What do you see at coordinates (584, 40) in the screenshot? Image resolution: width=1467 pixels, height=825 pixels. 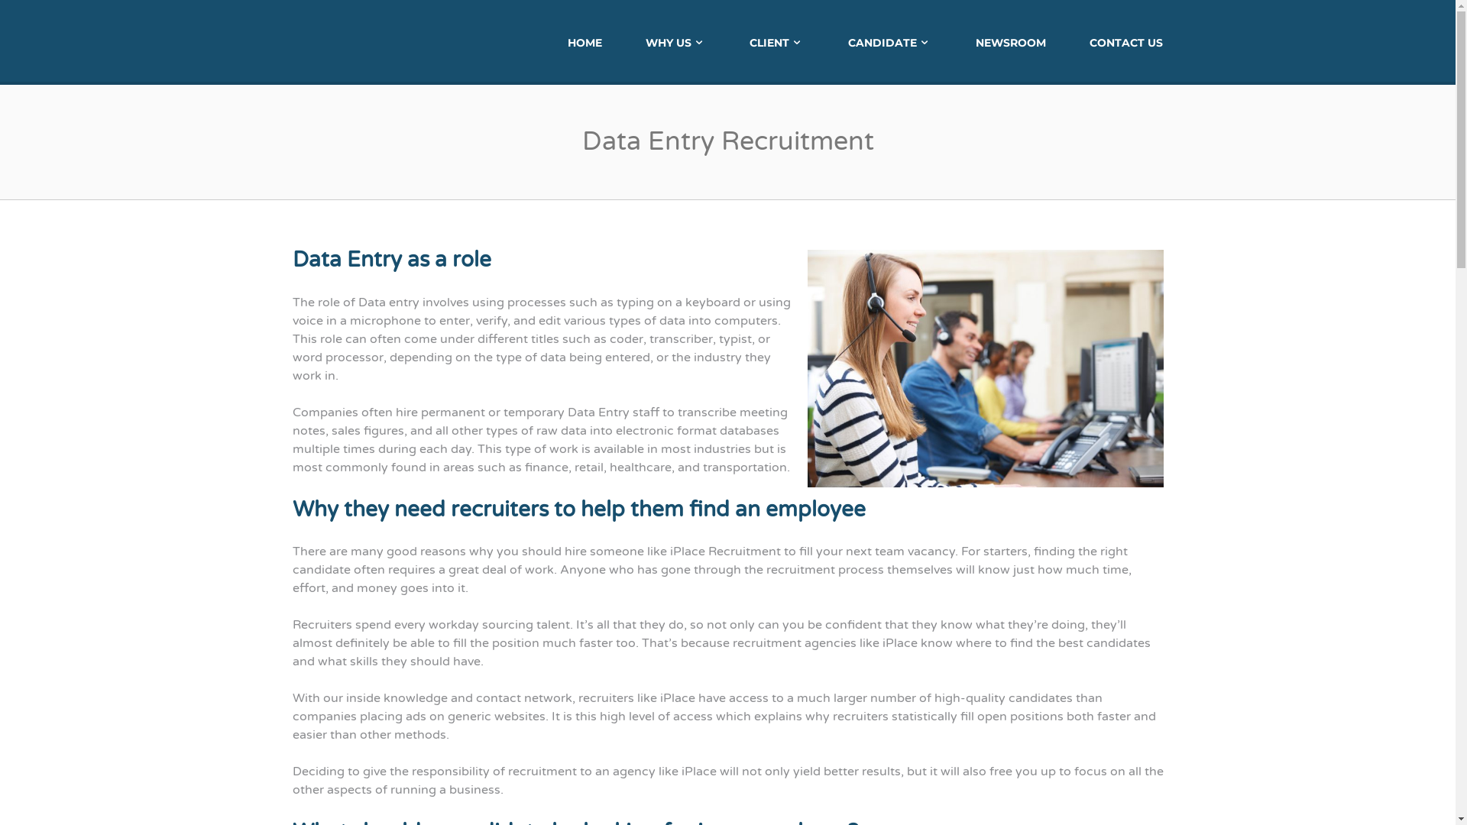 I see `'HOME'` at bounding box center [584, 40].